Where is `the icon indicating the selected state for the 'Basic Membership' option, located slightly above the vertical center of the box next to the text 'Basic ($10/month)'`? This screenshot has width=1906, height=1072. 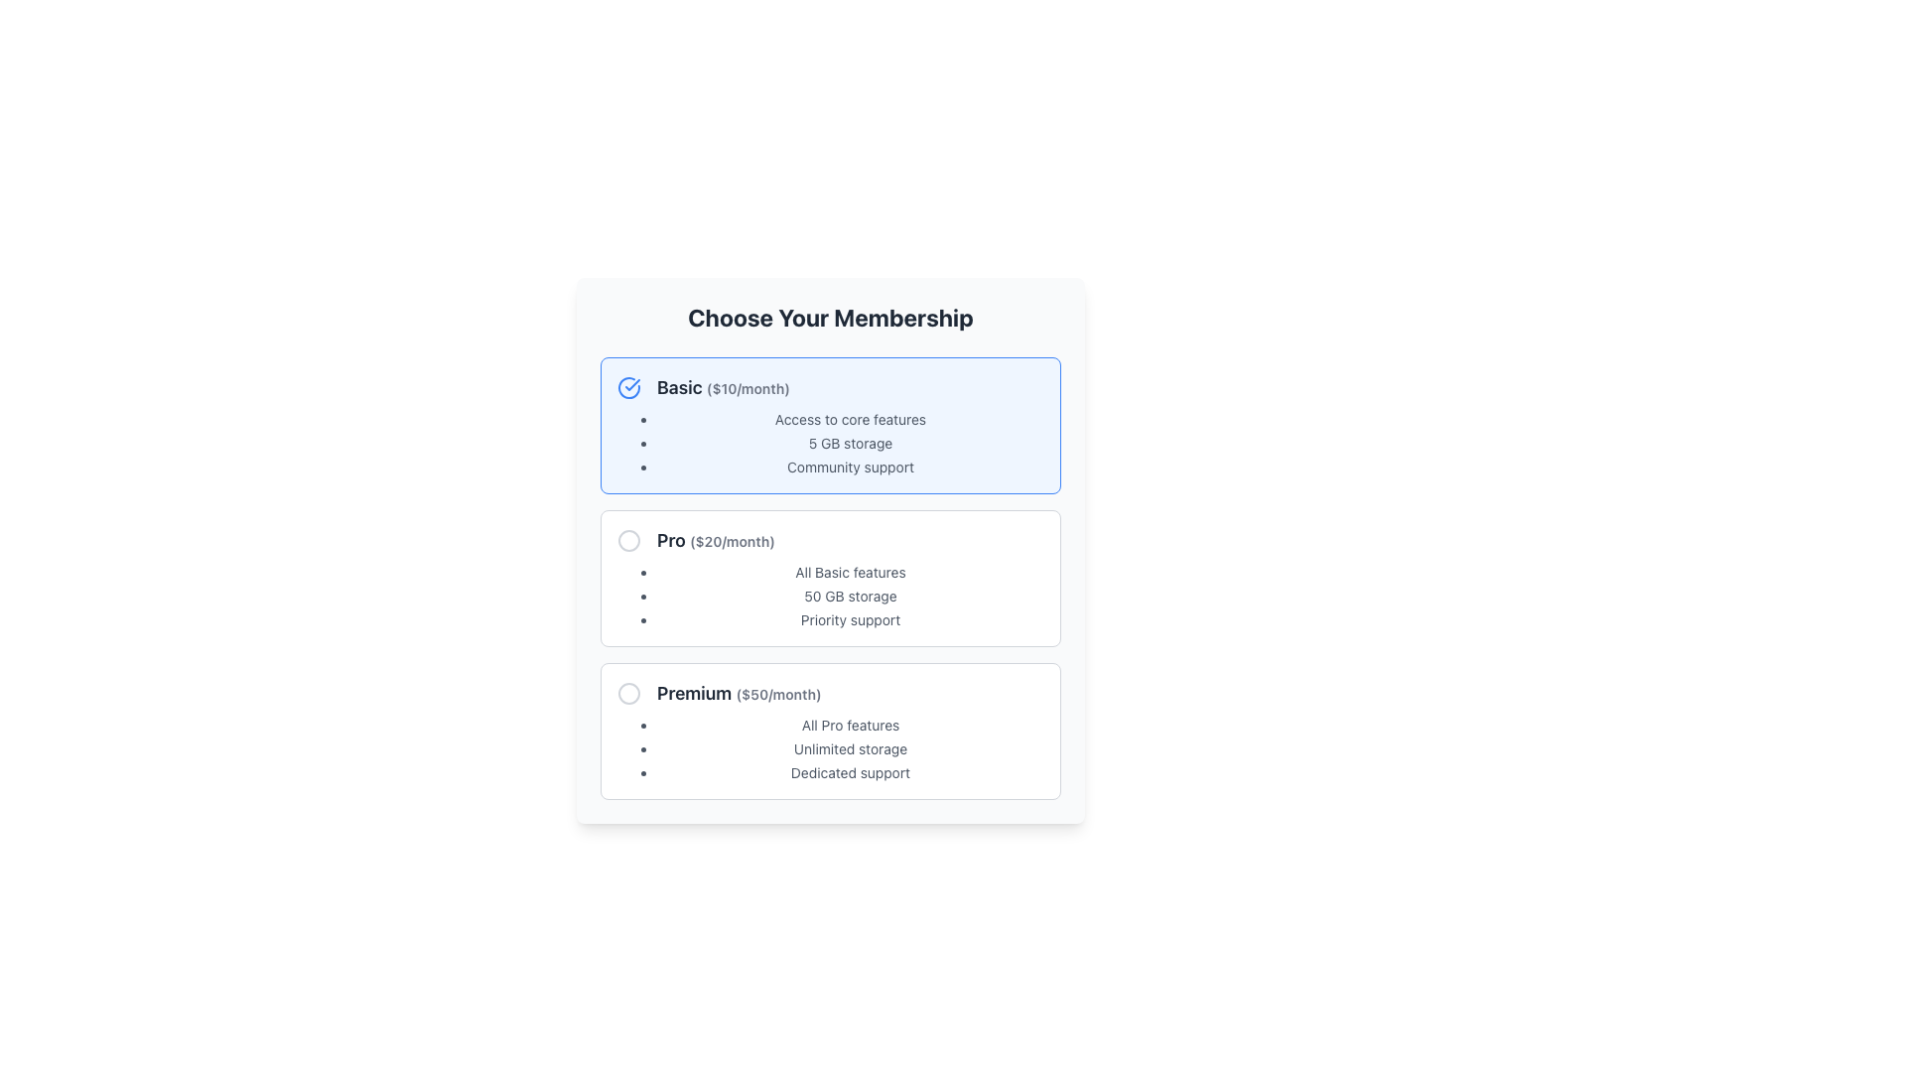
the icon indicating the selected state for the 'Basic Membership' option, located slightly above the vertical center of the box next to the text 'Basic ($10/month)' is located at coordinates (627, 387).